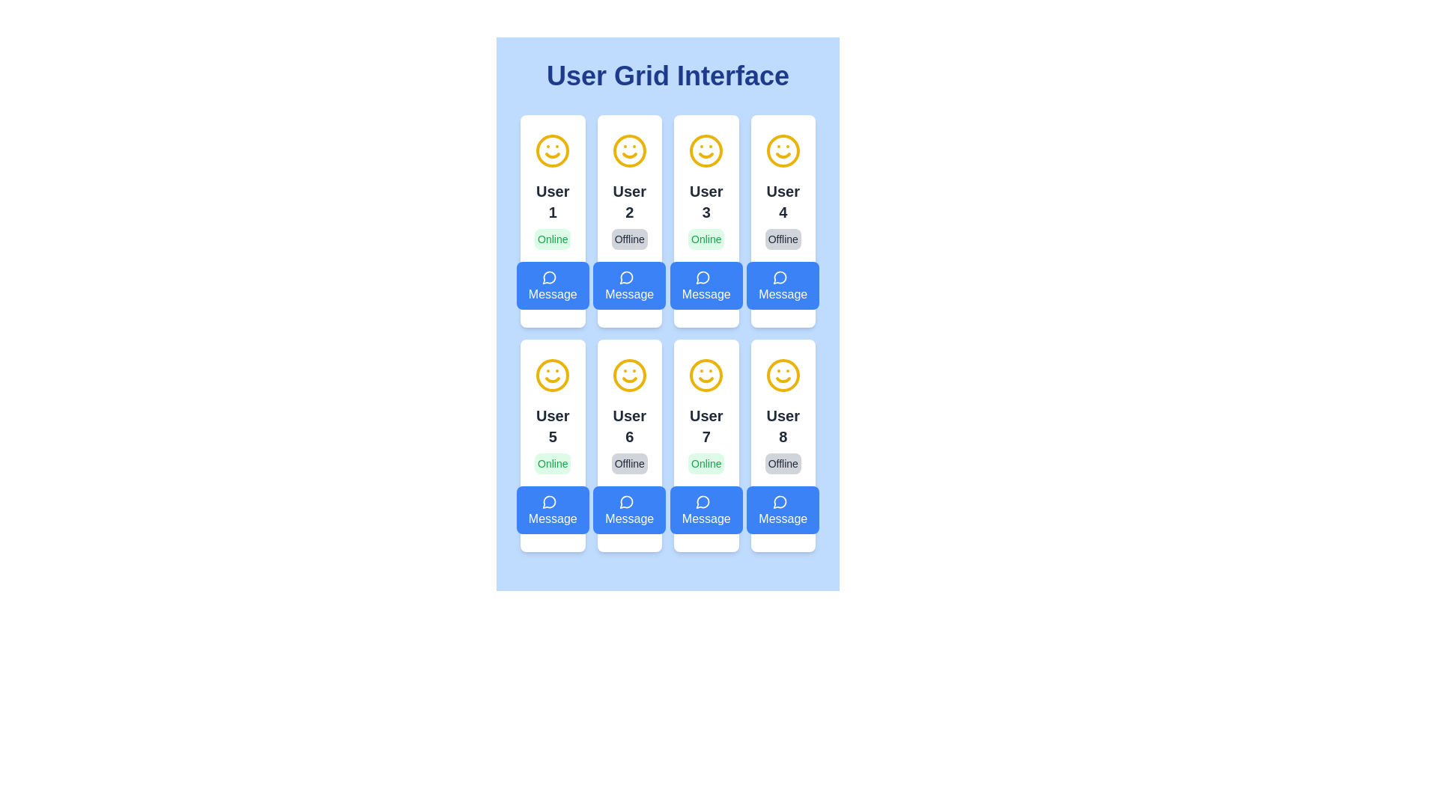  Describe the element at coordinates (706, 374) in the screenshot. I see `the circular yellow smiley face icon located at the top of the card labeled 'User 7' in the second row of the user grid` at that location.